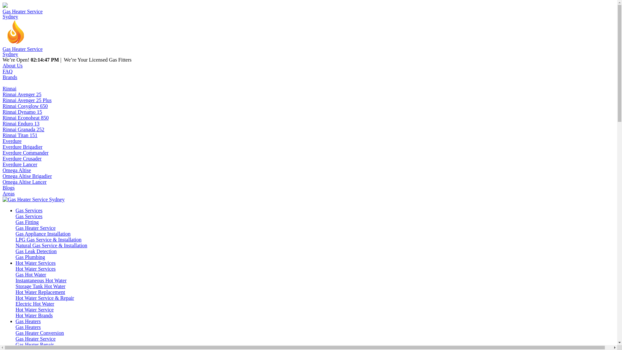  I want to click on 'Omega Altise Lancer', so click(25, 182).